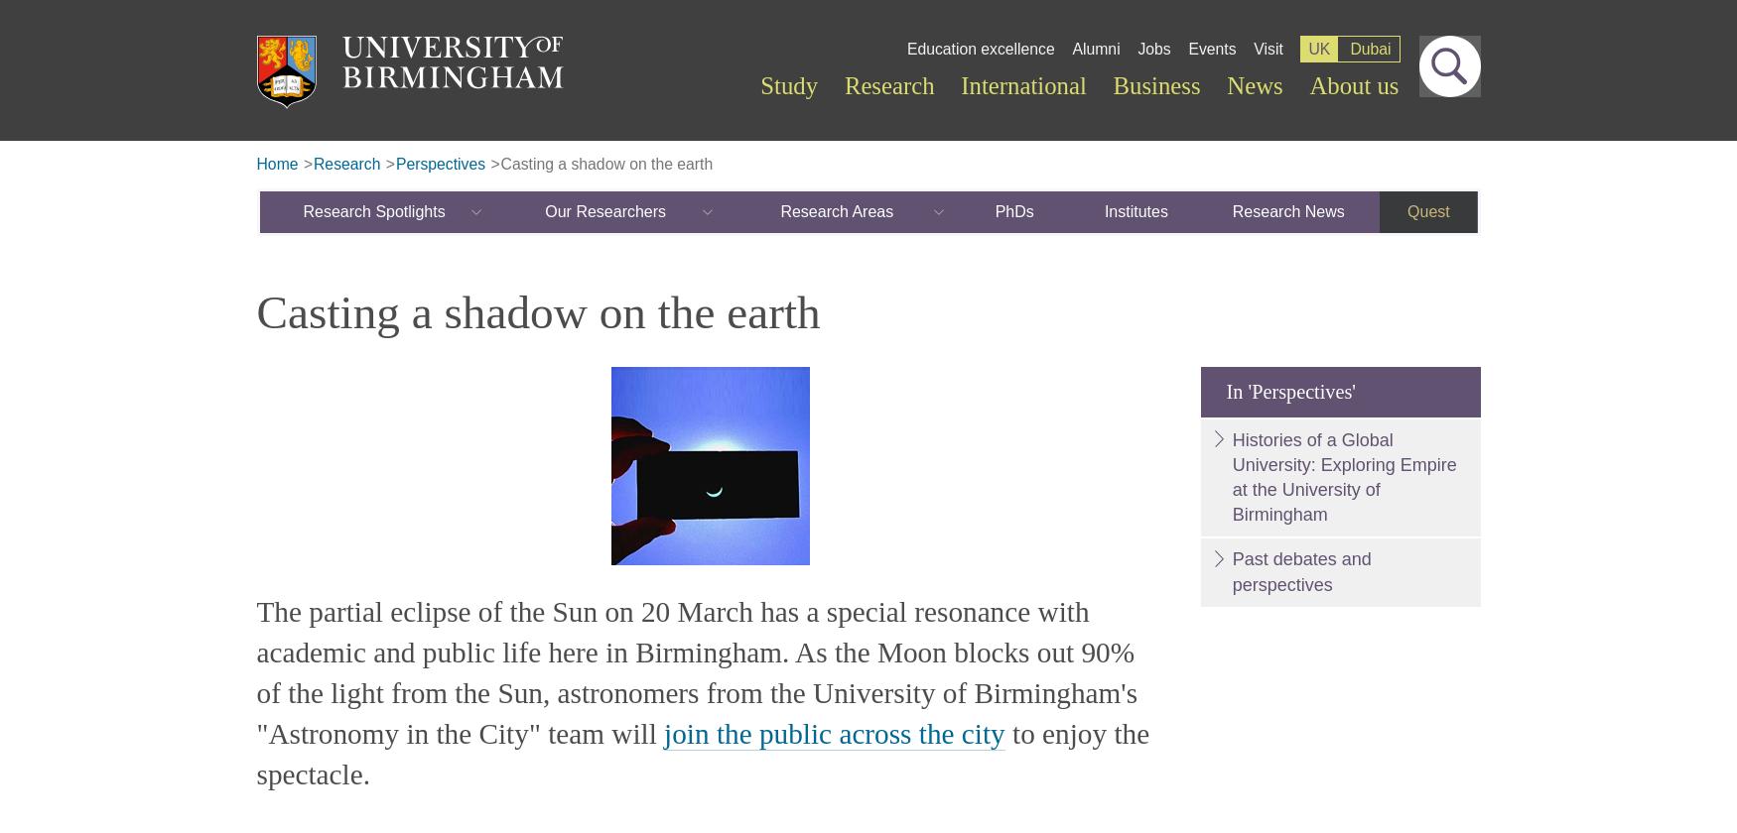 The image size is (1737, 833). I want to click on 'Dubai', so click(1369, 48).